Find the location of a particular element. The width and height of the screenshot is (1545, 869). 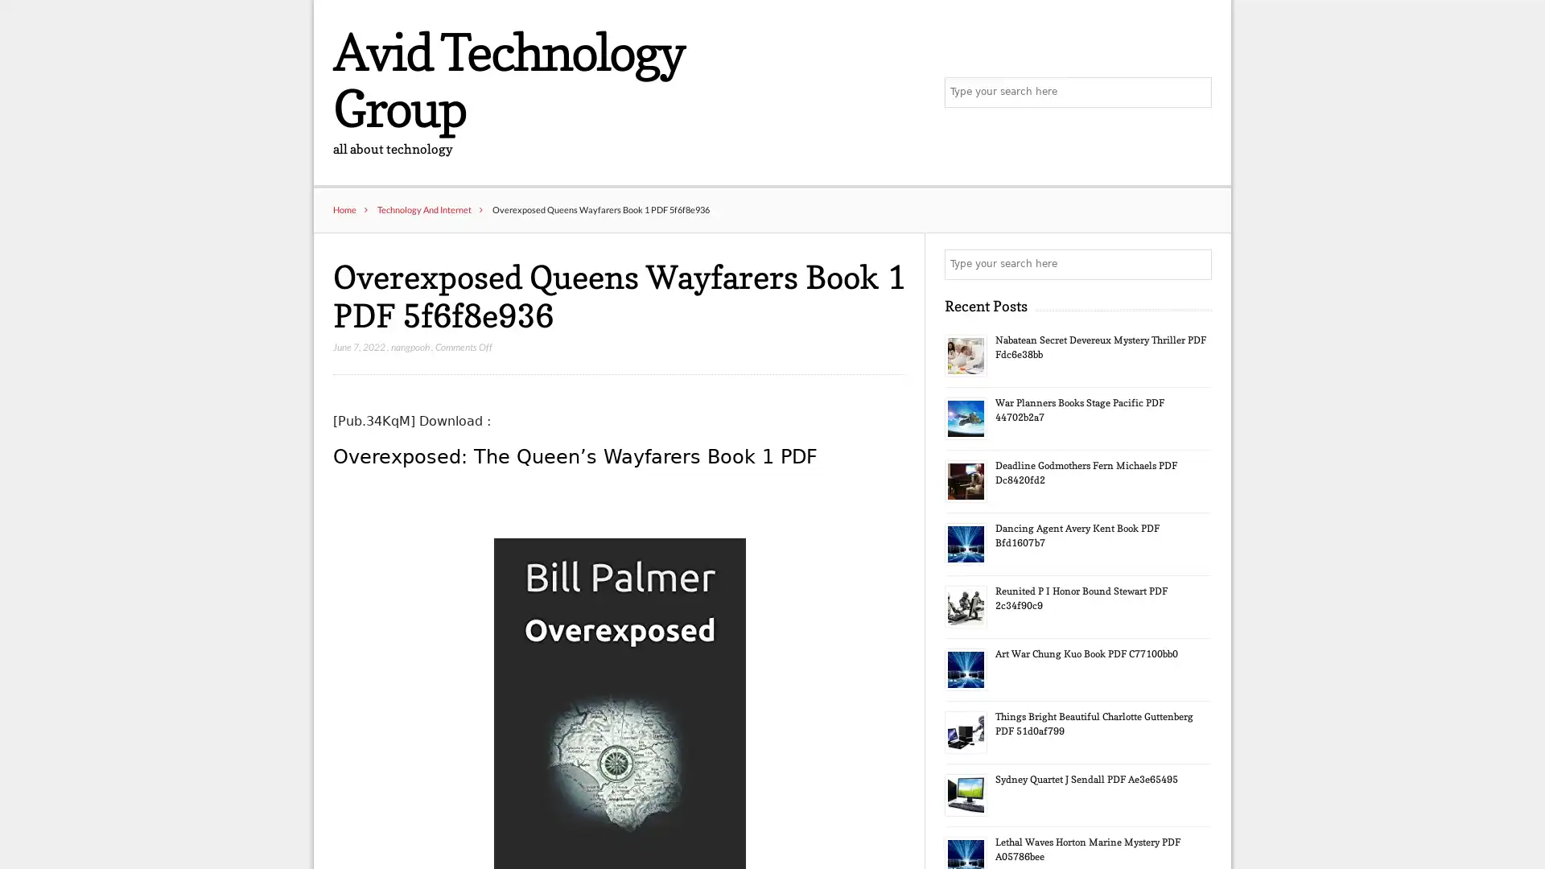

Search is located at coordinates (1195, 265).